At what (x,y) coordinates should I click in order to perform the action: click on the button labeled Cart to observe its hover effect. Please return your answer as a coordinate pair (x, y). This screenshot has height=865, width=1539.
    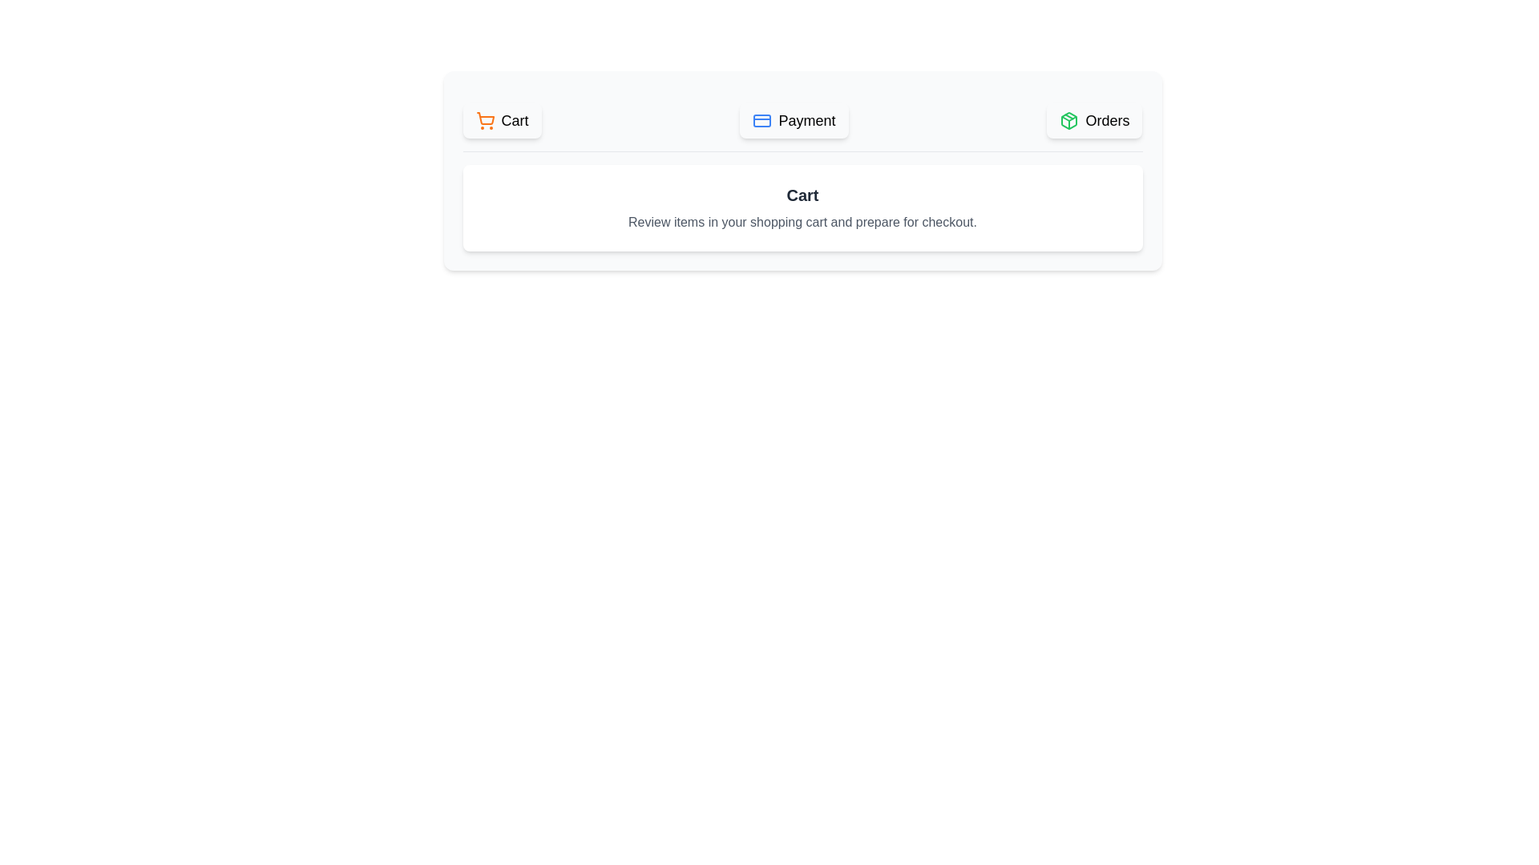
    Looking at the image, I should click on (501, 119).